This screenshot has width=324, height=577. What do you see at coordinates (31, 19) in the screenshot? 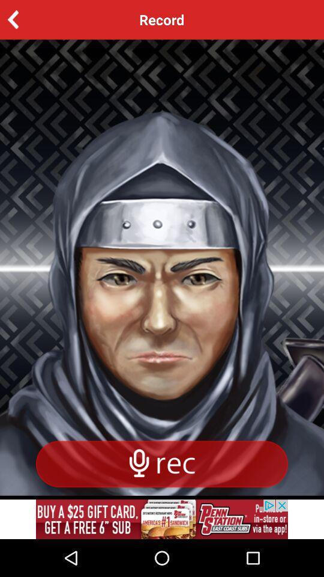
I see `previous` at bounding box center [31, 19].